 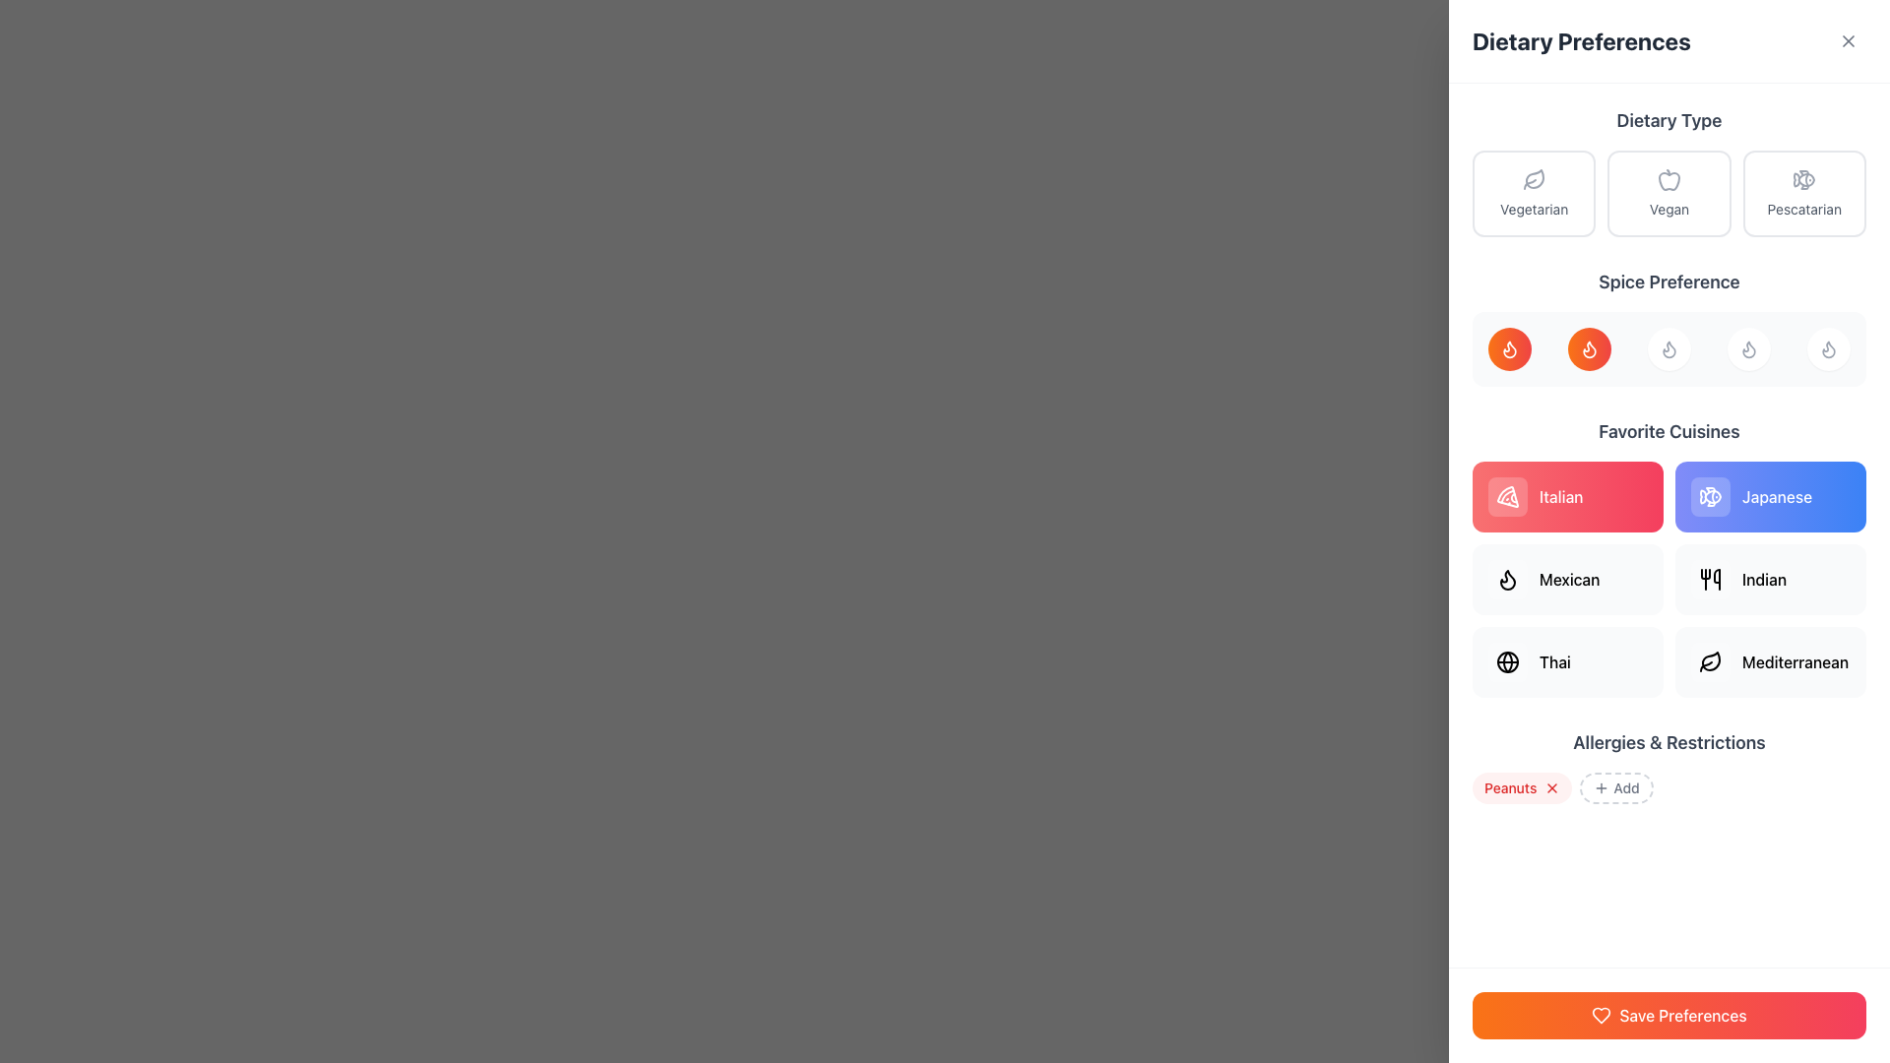 I want to click on the SVG icon resembling a fish with a blue background and white outlines in the 'Favorite Cuisines' section for the 'Japanese' cuisine option, located at the top right corner of the modal interface, so click(x=1709, y=496).